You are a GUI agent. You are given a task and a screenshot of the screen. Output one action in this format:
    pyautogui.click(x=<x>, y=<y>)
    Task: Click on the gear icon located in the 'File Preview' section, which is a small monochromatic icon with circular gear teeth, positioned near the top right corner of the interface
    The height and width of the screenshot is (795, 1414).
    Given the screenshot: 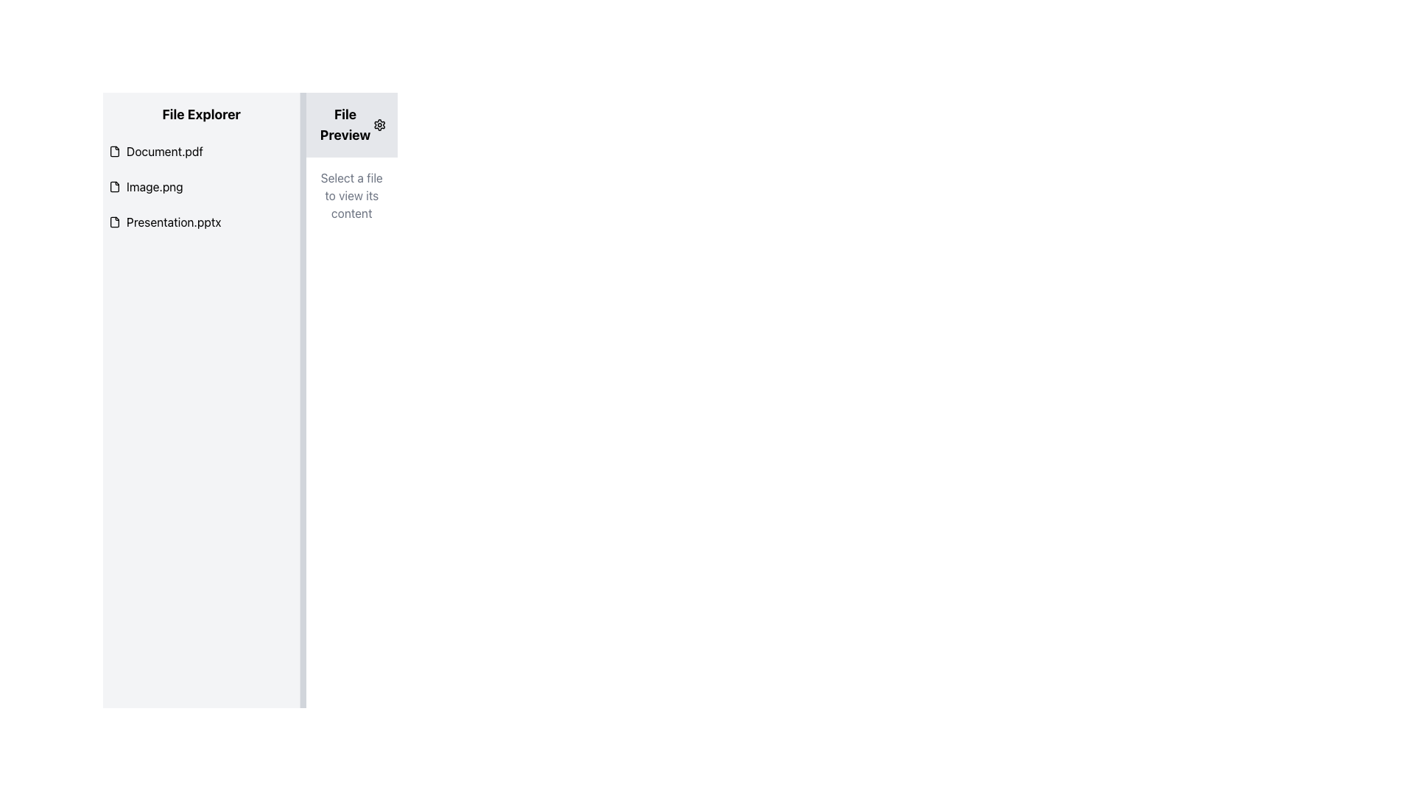 What is the action you would take?
    pyautogui.click(x=379, y=124)
    